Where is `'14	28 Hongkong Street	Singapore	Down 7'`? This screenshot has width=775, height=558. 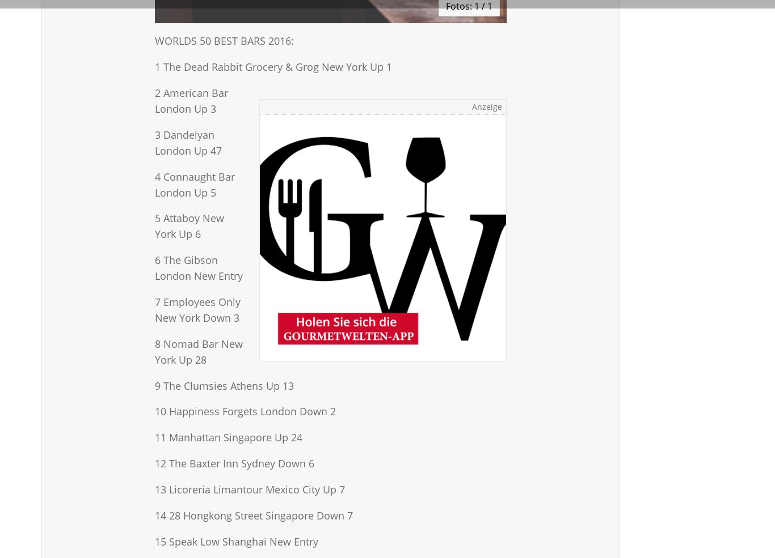 '14	28 Hongkong Street	Singapore	Down 7' is located at coordinates (155, 516).